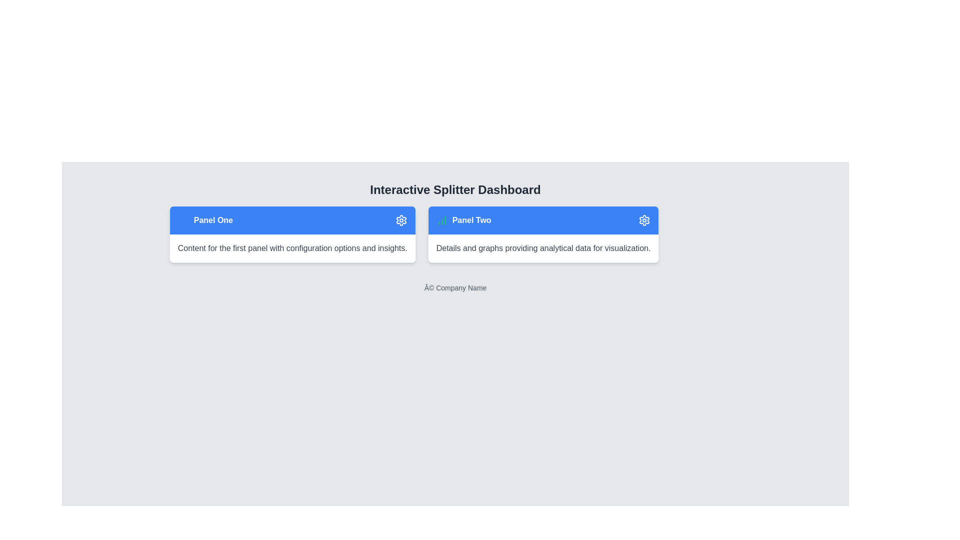 Image resolution: width=960 pixels, height=540 pixels. I want to click on the descriptive text block for the 'Panel Two' section, which is centrally aligned on the right side of the dashboard beneath the header labeled 'Panel Two', so click(543, 248).